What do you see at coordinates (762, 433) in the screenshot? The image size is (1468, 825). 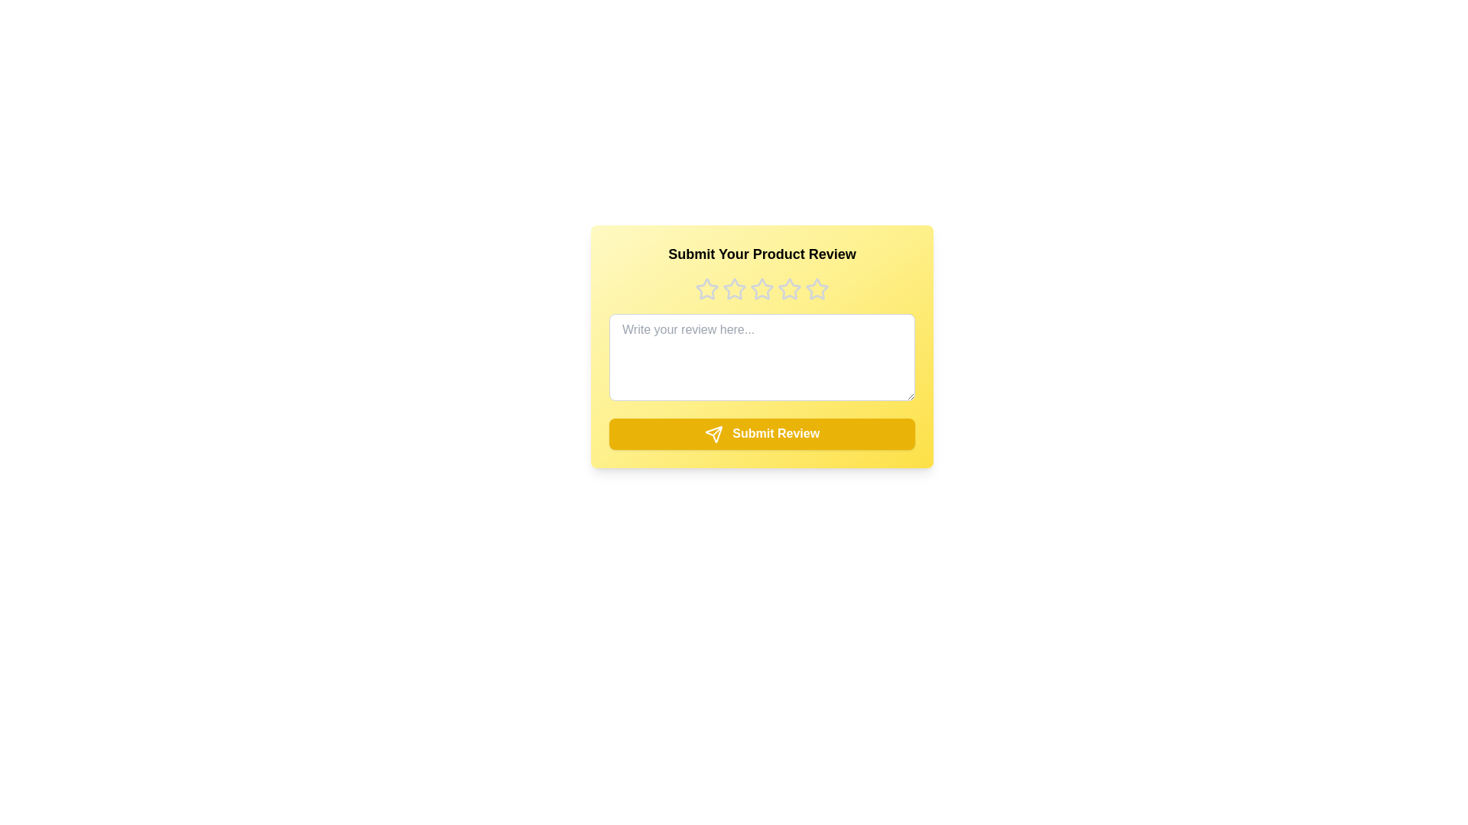 I see `the 'Submit Review' button located at the bottom of the 'Submit Your Product Review' card to observe hover effects` at bounding box center [762, 433].